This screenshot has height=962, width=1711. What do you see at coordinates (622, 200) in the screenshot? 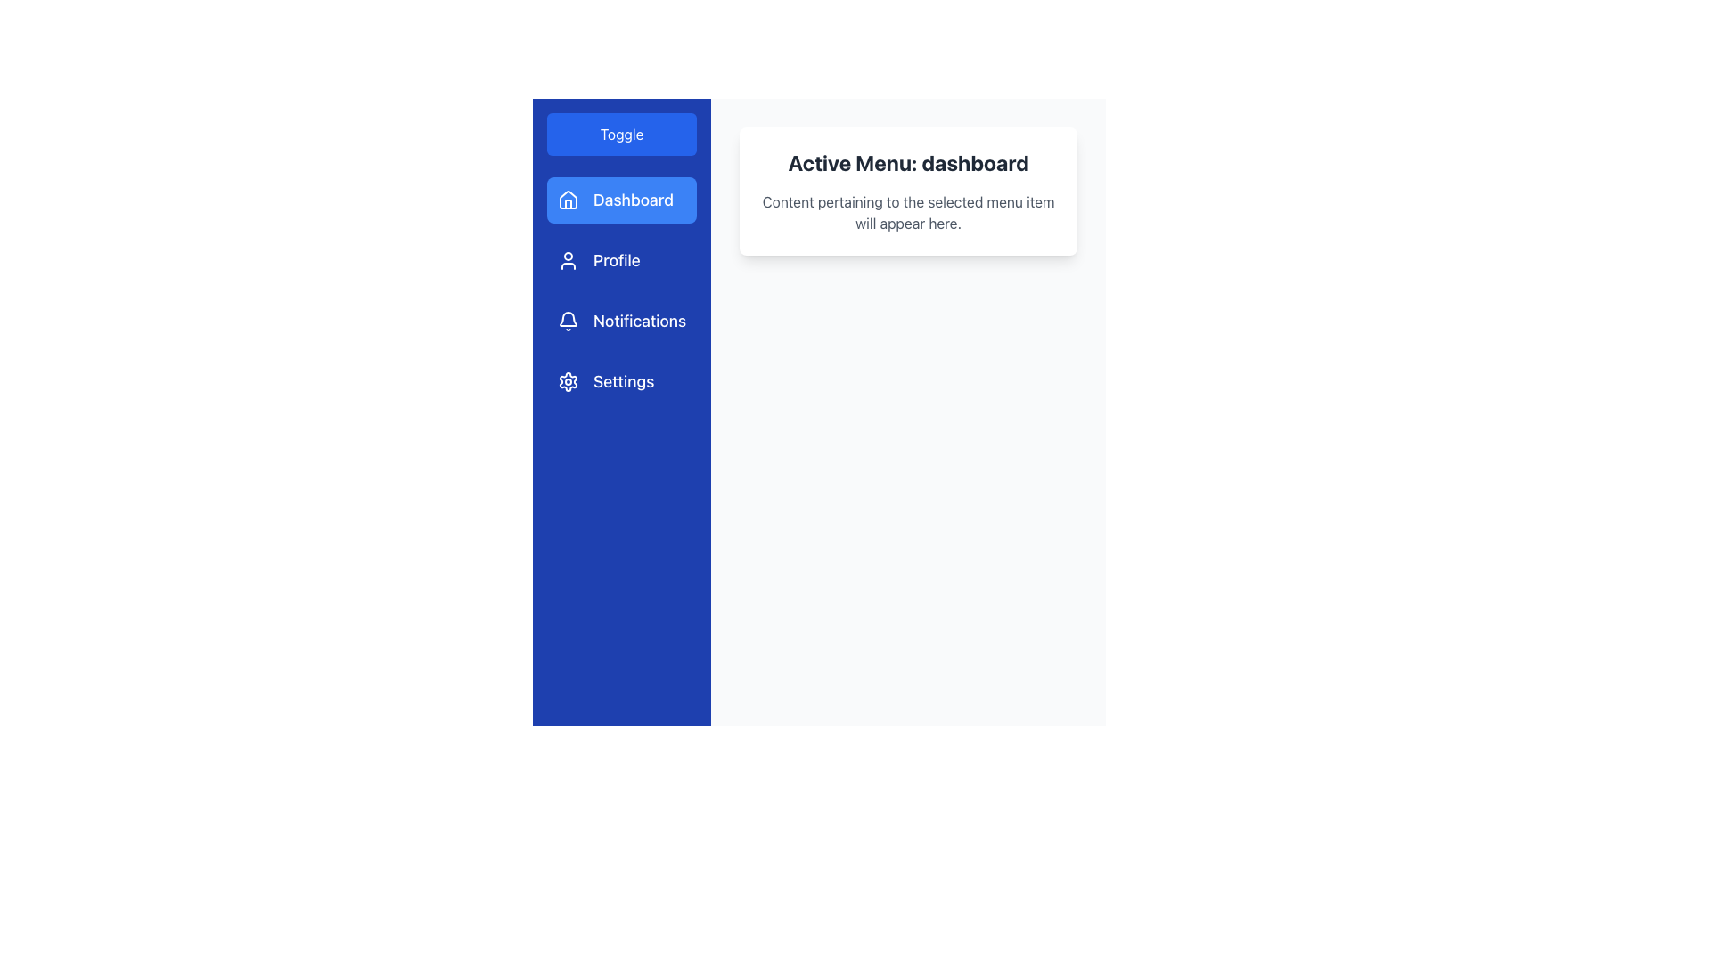
I see `the 'Dashboard' navigation button located in the left sidebar` at bounding box center [622, 200].